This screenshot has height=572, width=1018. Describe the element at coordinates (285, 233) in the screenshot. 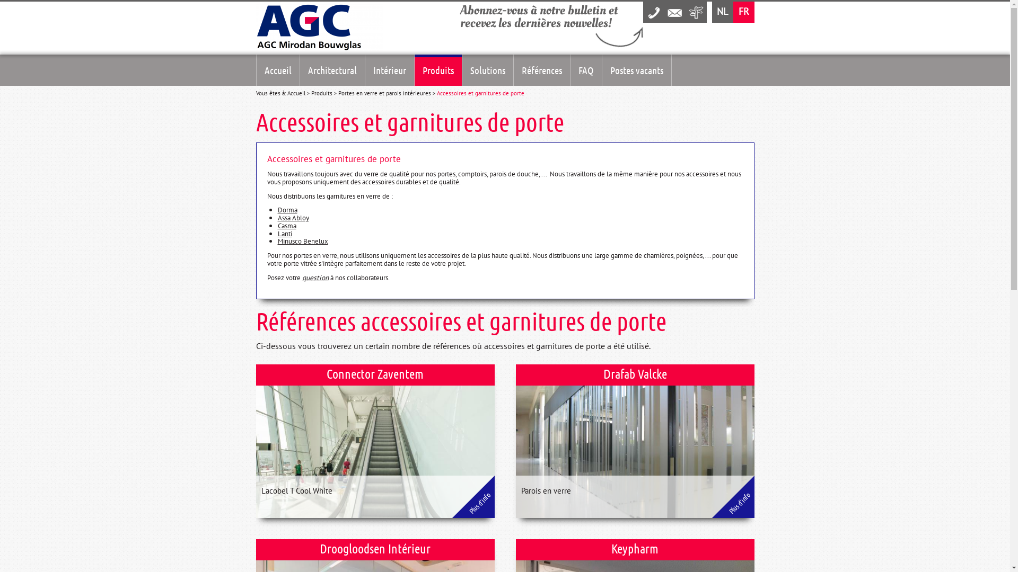

I see `'Lanti'` at that location.